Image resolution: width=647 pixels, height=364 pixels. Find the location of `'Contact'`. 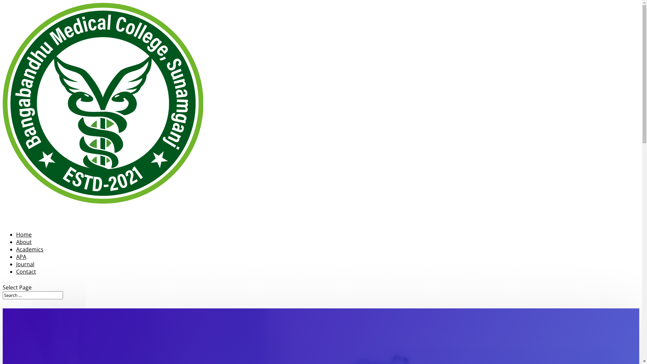

'Contact' is located at coordinates (26, 282).